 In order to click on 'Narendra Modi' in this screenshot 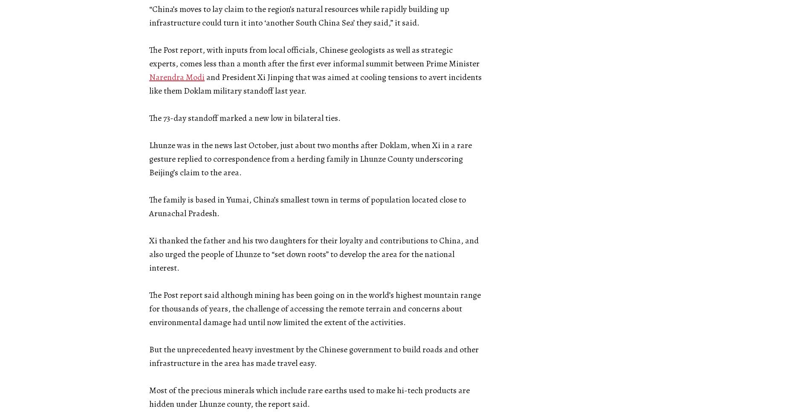, I will do `click(148, 77)`.